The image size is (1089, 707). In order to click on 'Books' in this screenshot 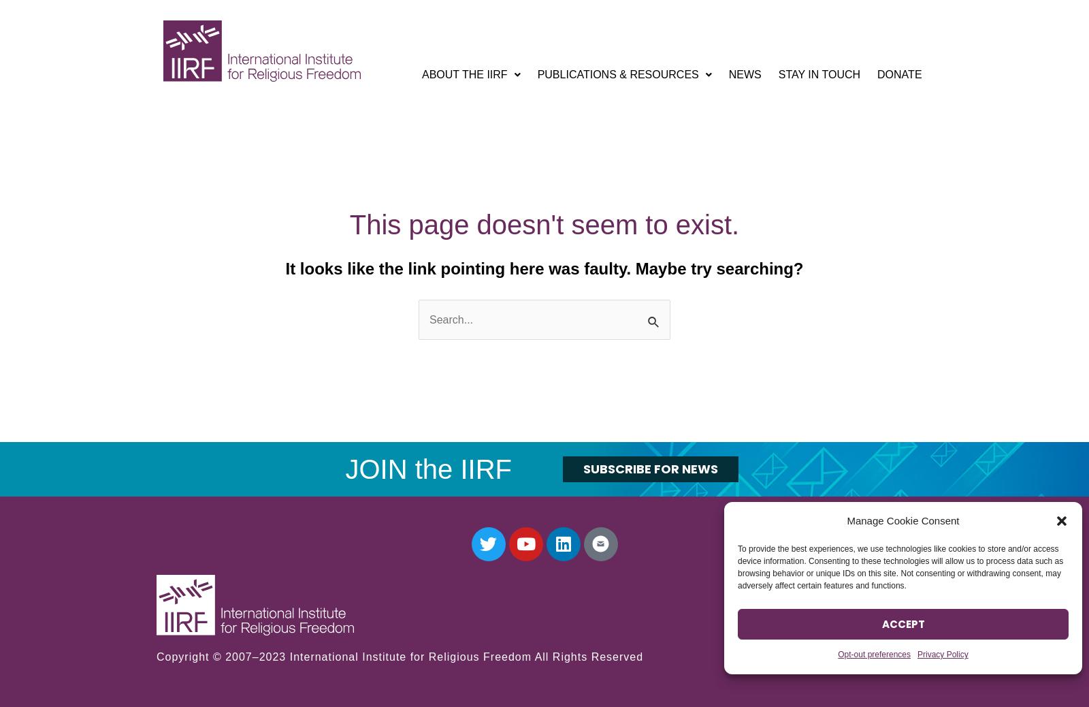, I will do `click(569, 204)`.